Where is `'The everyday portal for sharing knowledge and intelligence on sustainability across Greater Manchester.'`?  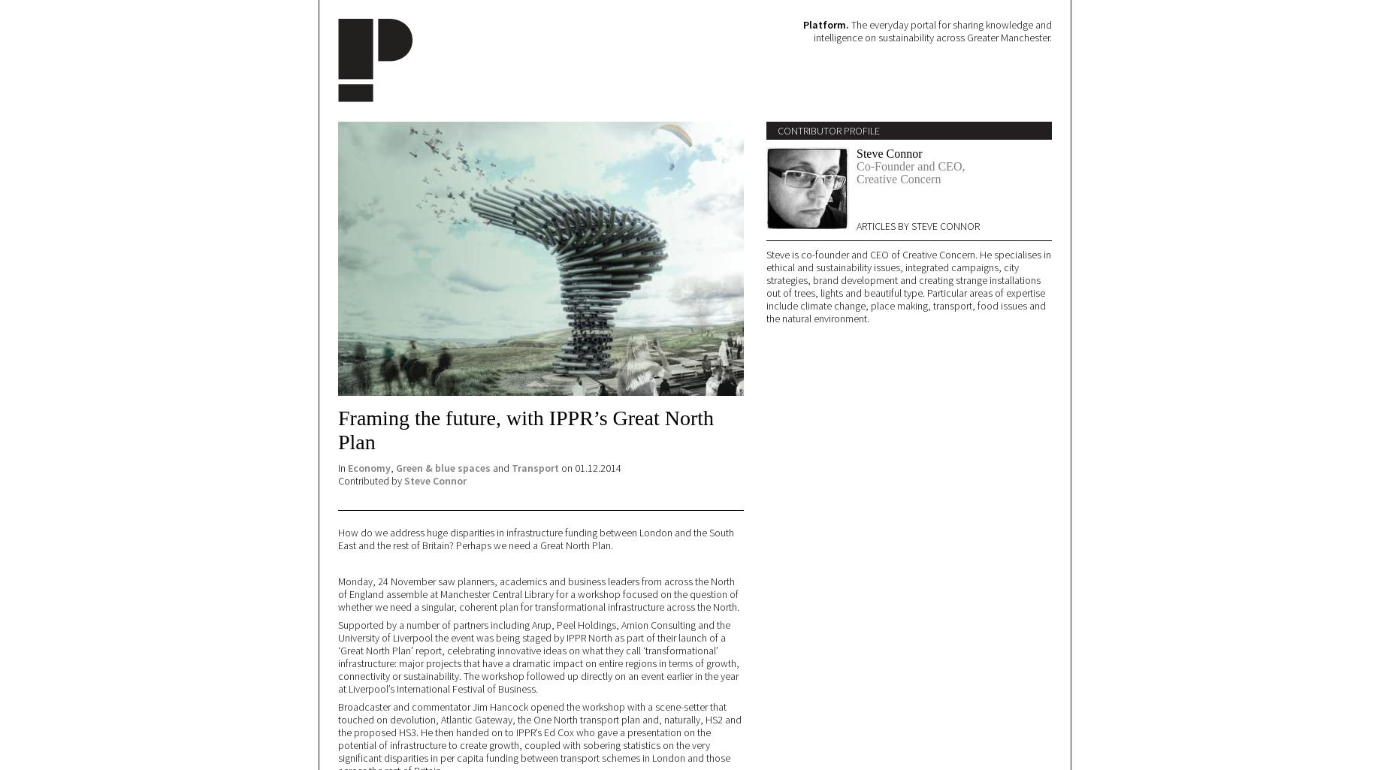
'The everyday portal for sharing knowledge and intelligence on sustainability across Greater Manchester.' is located at coordinates (932, 31).